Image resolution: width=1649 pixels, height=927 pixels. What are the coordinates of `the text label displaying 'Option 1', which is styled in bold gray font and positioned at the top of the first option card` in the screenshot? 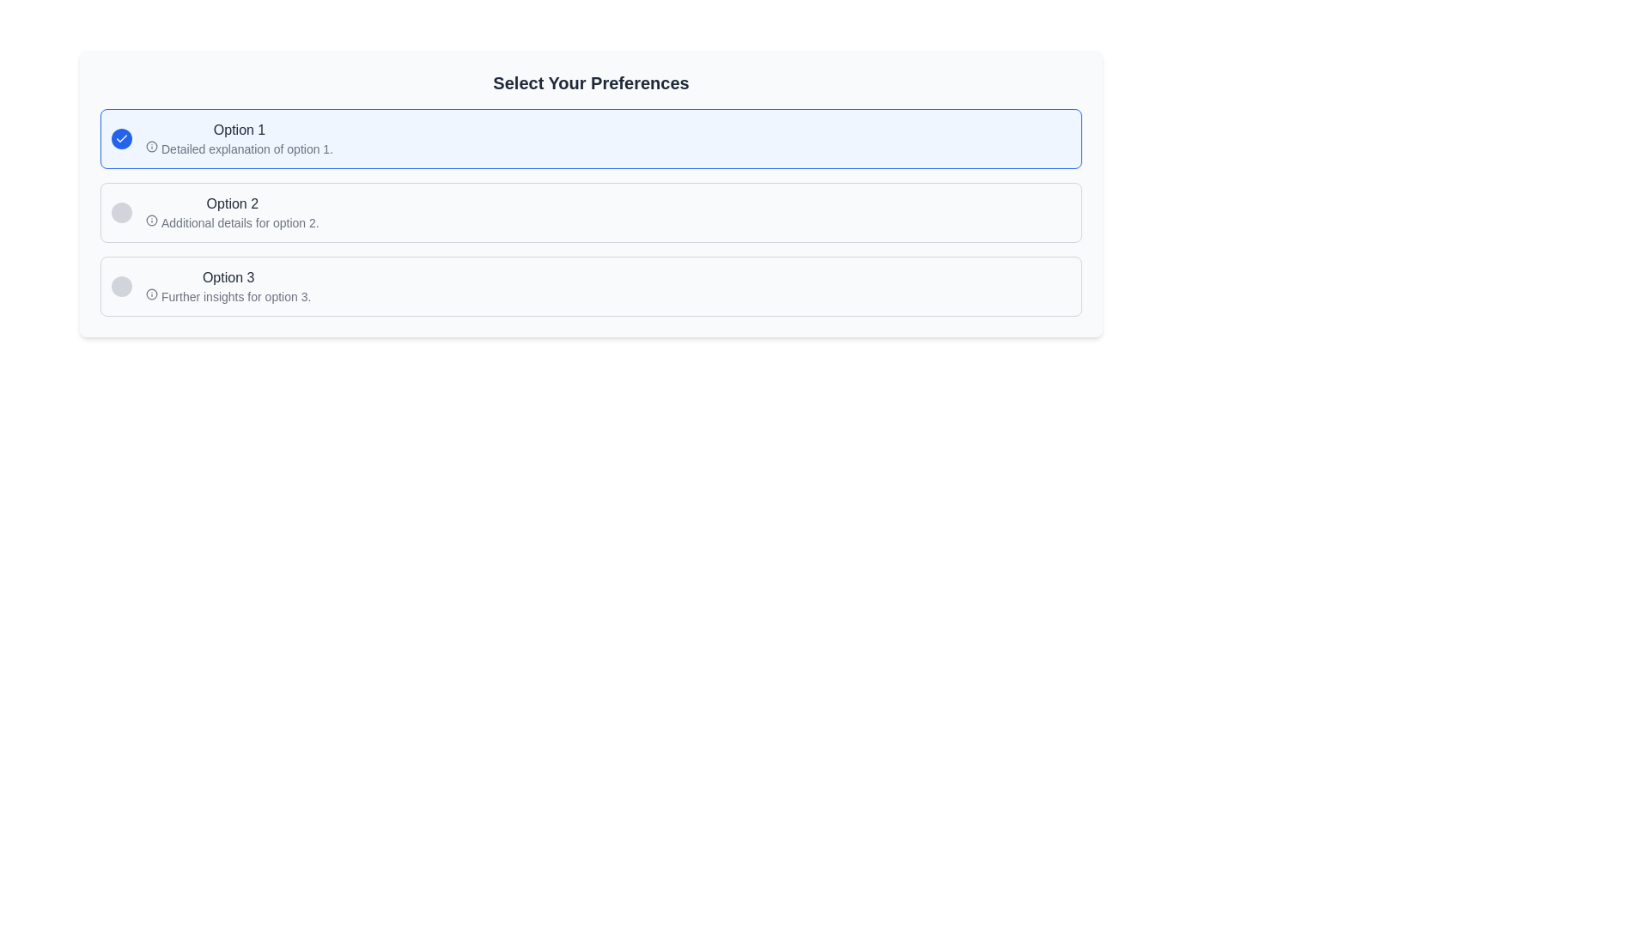 It's located at (238, 129).